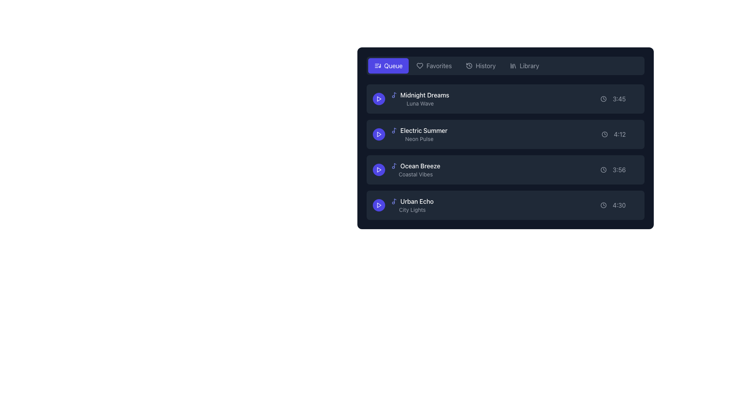 The height and width of the screenshot is (416, 741). Describe the element at coordinates (424, 94) in the screenshot. I see `the label displaying 'Midnight Dreams' in a music playlist interface, positioned to the right of a music note icon and above 'Luna Wave'` at that location.